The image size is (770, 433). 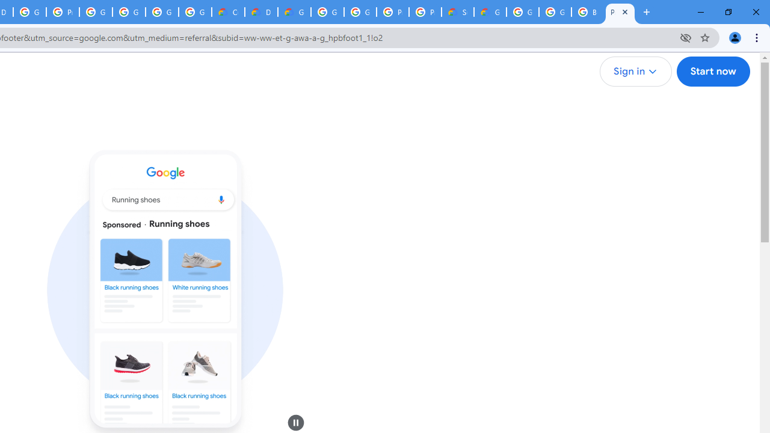 I want to click on 'Google Cloud Service Health', so click(x=490, y=12).